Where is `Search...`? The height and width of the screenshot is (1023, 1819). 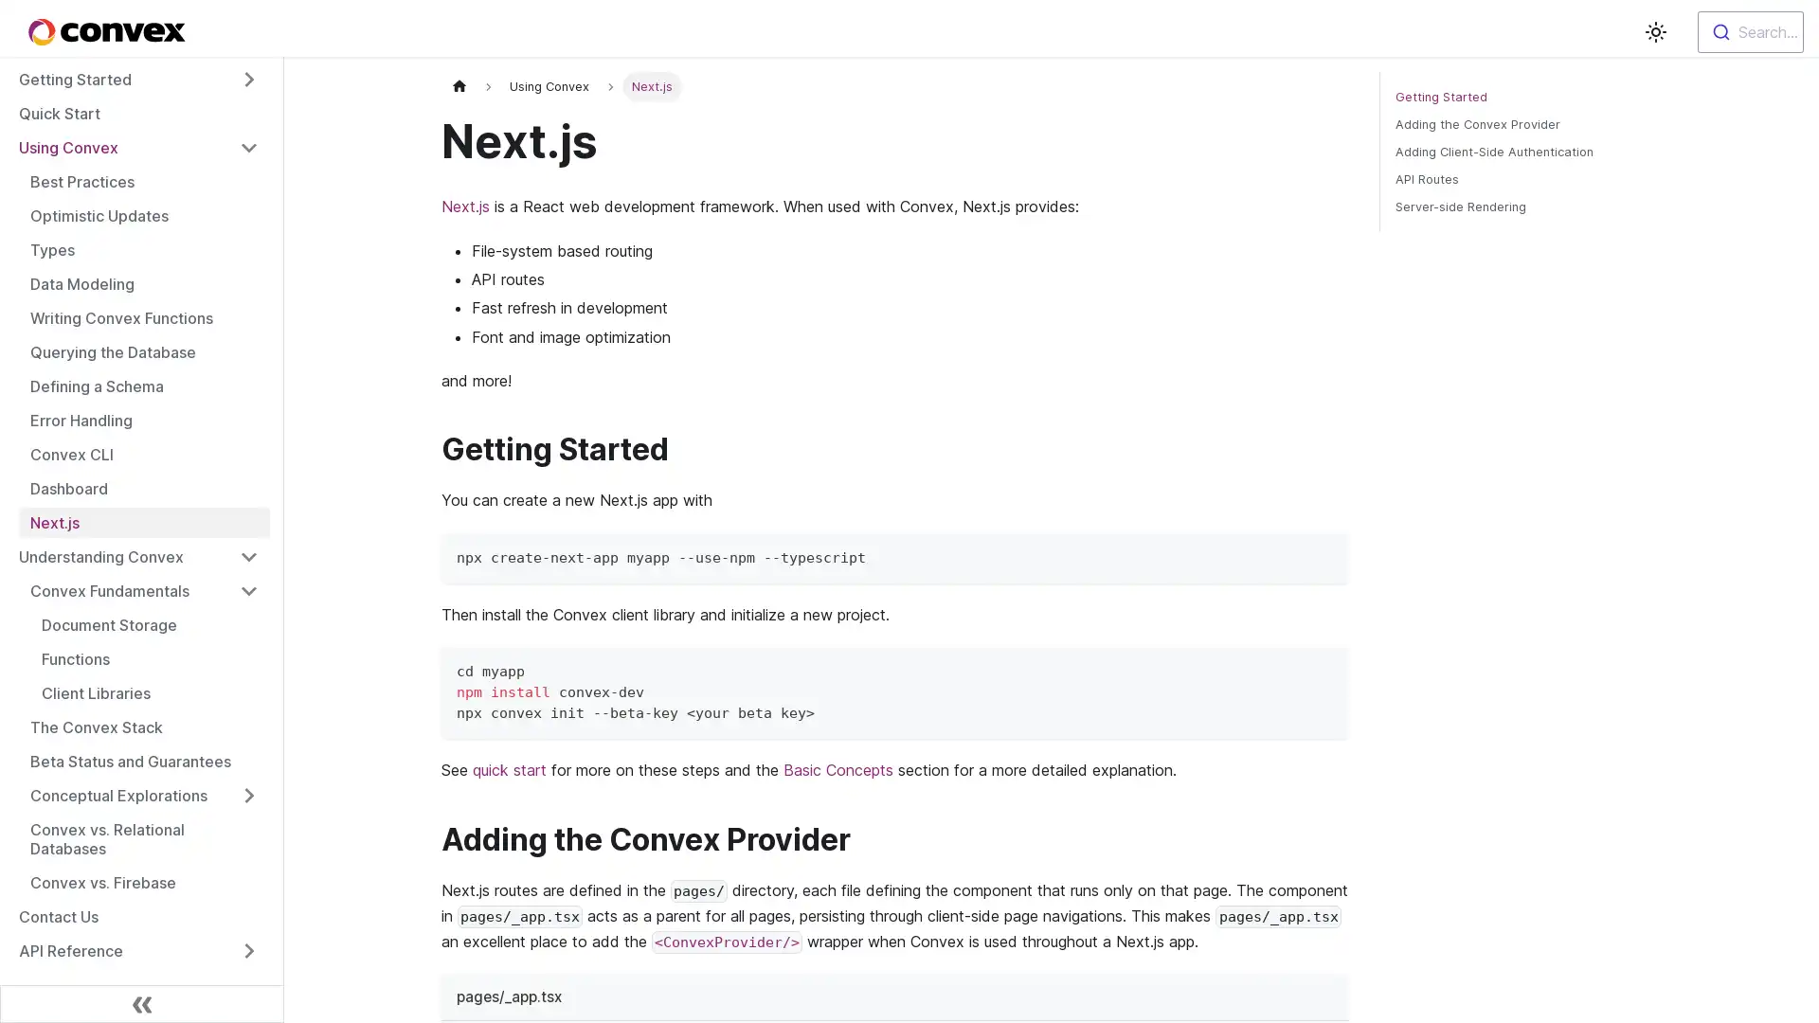 Search... is located at coordinates (1750, 32).